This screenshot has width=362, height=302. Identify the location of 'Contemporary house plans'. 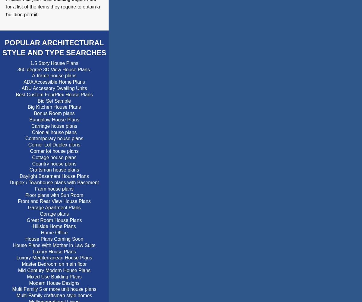
(54, 138).